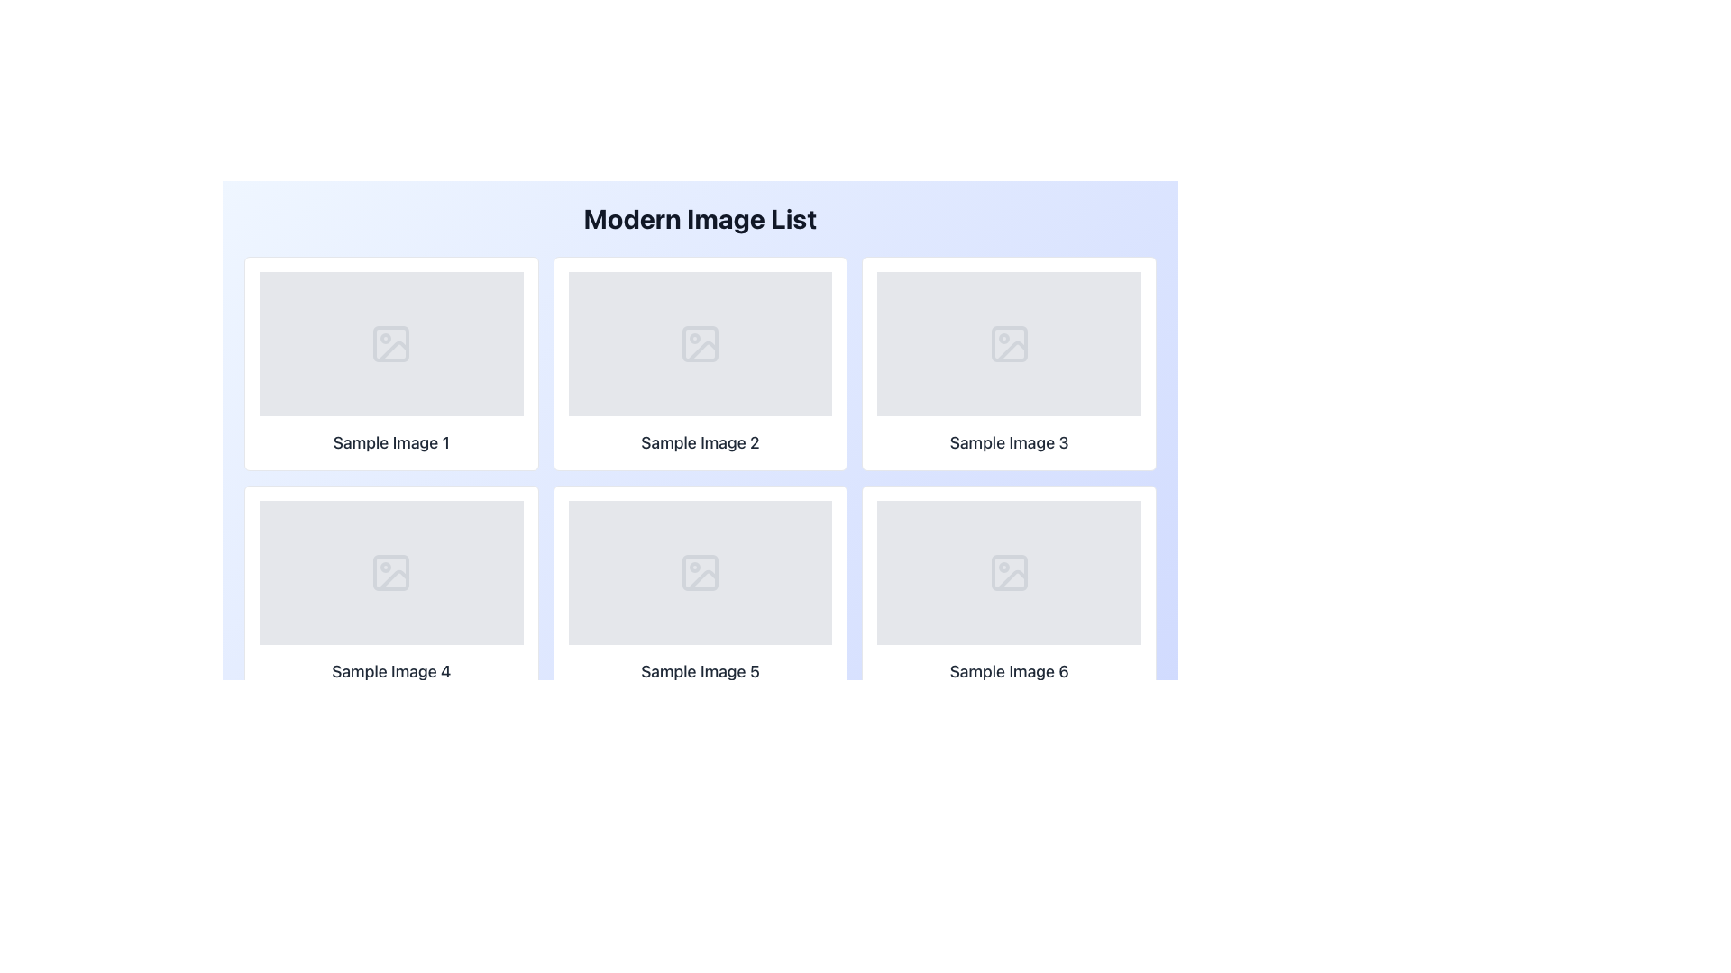 The height and width of the screenshot is (973, 1731). I want to click on the text label that reads 'Sample Image 3', which is styled in medium font size and dark gray color, located below a rectangular placeholder image in the second row of a grid layout, so click(1008, 443).